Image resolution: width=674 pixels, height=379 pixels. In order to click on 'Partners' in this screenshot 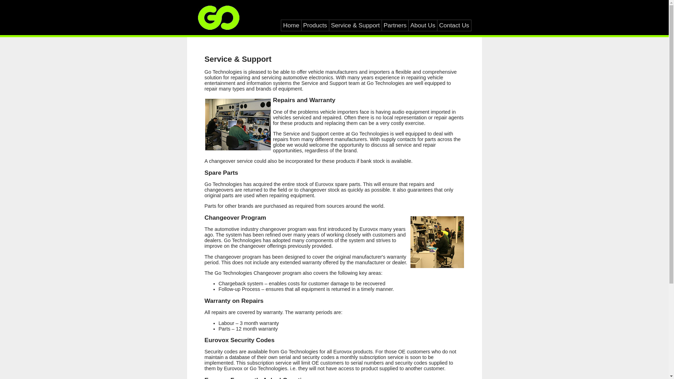, I will do `click(395, 25)`.